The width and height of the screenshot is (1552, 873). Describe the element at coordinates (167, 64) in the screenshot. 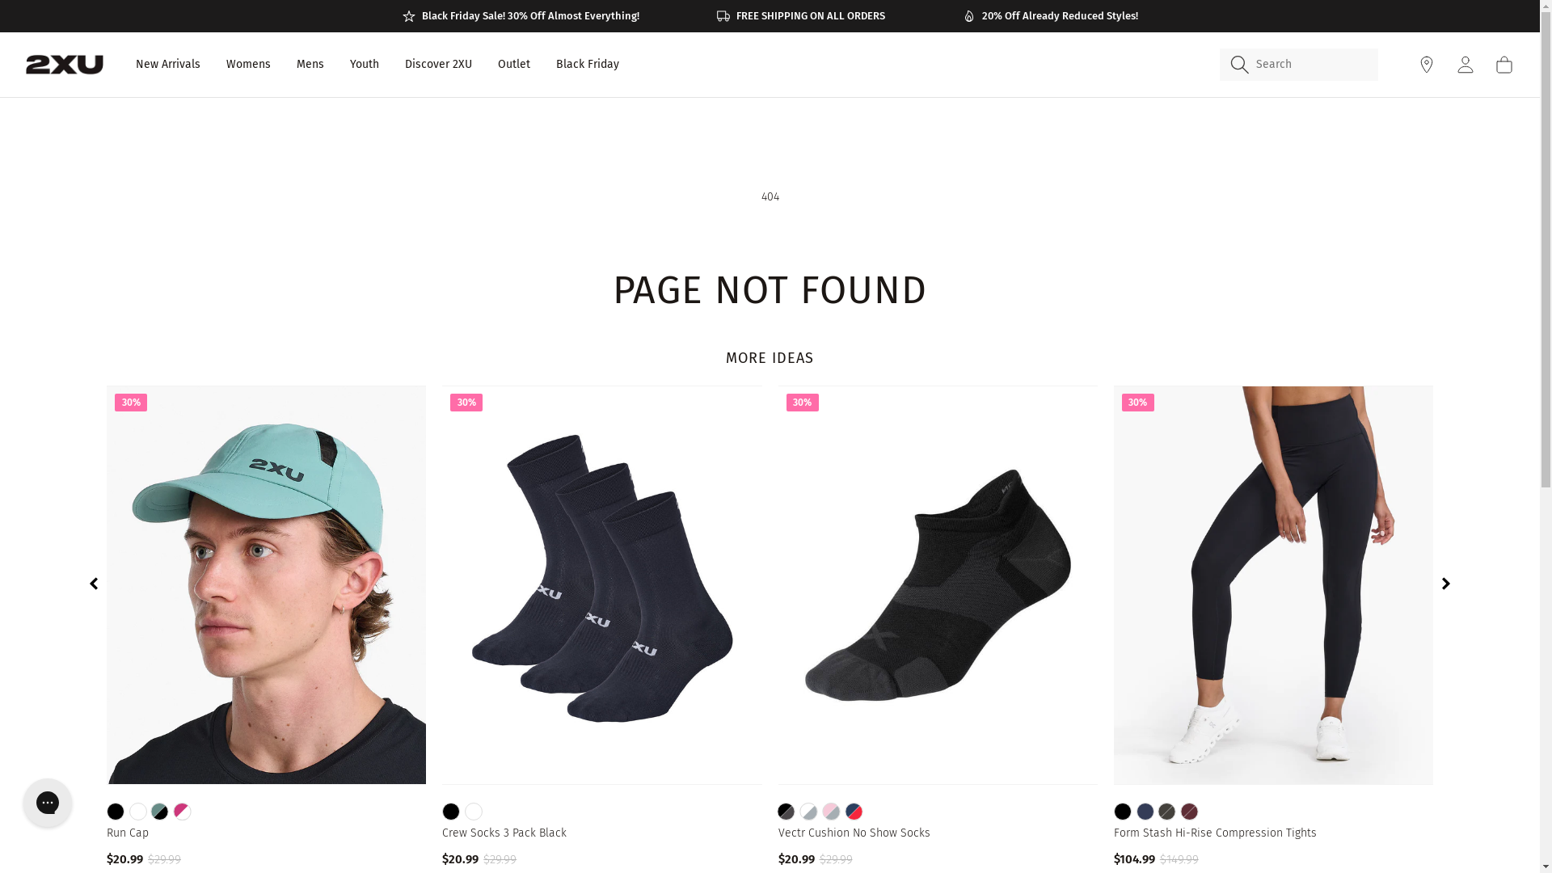

I see `'New Arrivals'` at that location.